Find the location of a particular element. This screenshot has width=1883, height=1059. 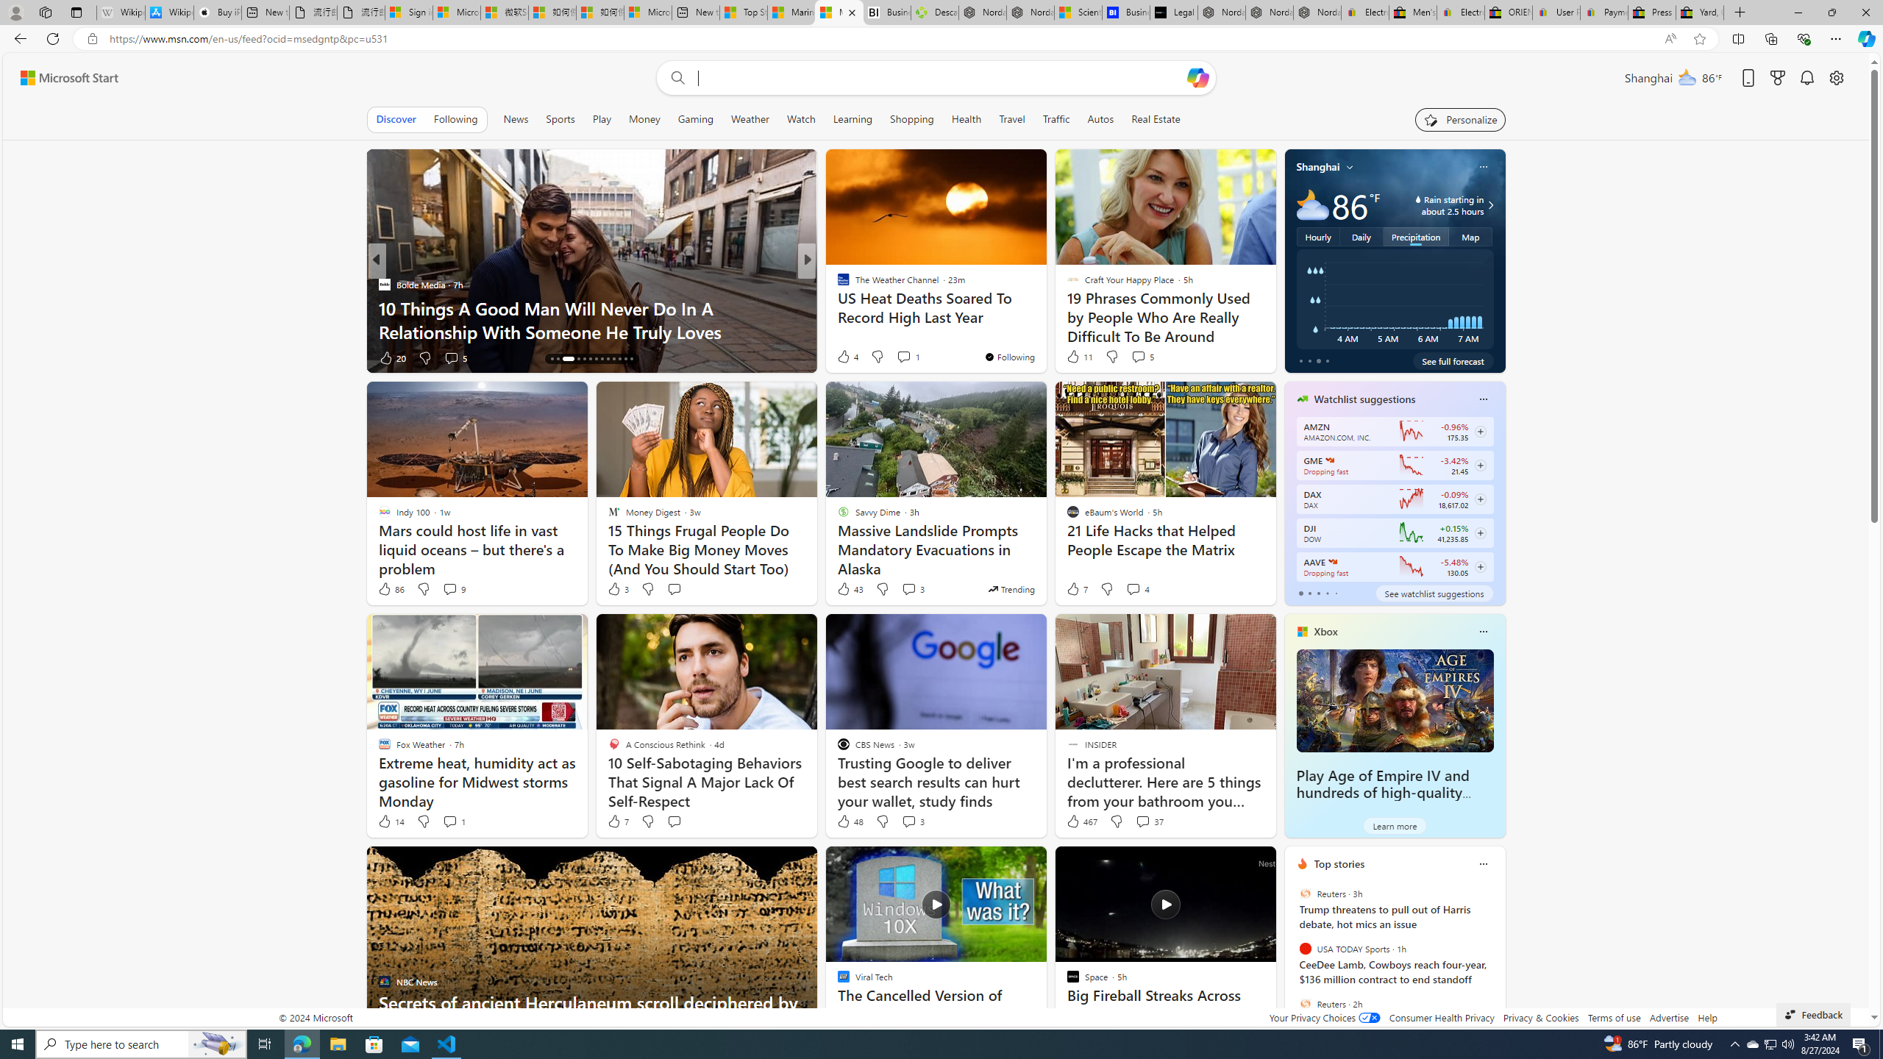

'Precipitation' is located at coordinates (1415, 236).